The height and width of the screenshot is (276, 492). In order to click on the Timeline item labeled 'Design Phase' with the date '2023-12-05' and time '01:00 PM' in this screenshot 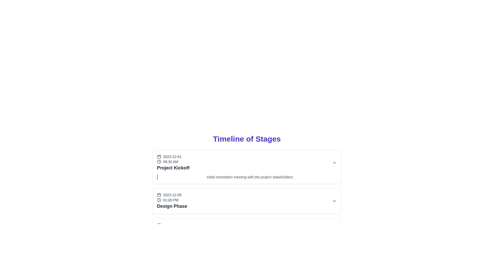, I will do `click(172, 201)`.